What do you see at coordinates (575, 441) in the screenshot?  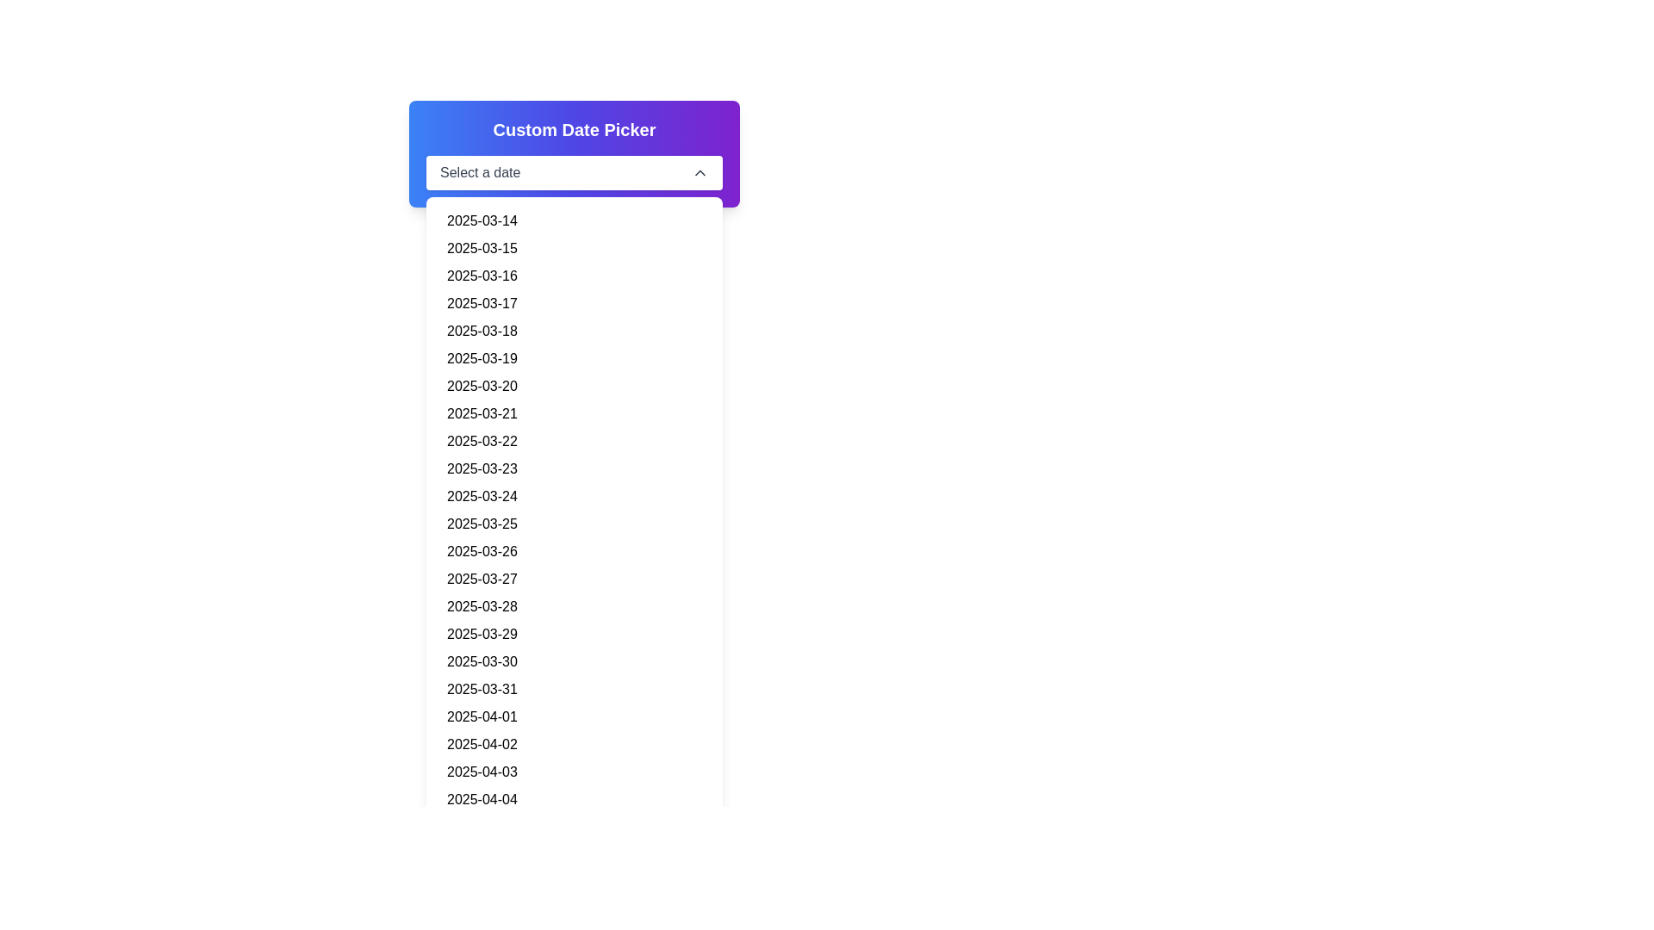 I see `the date '2025-03-22' by clicking on the ninth list item in the date selection dropdown menu` at bounding box center [575, 441].